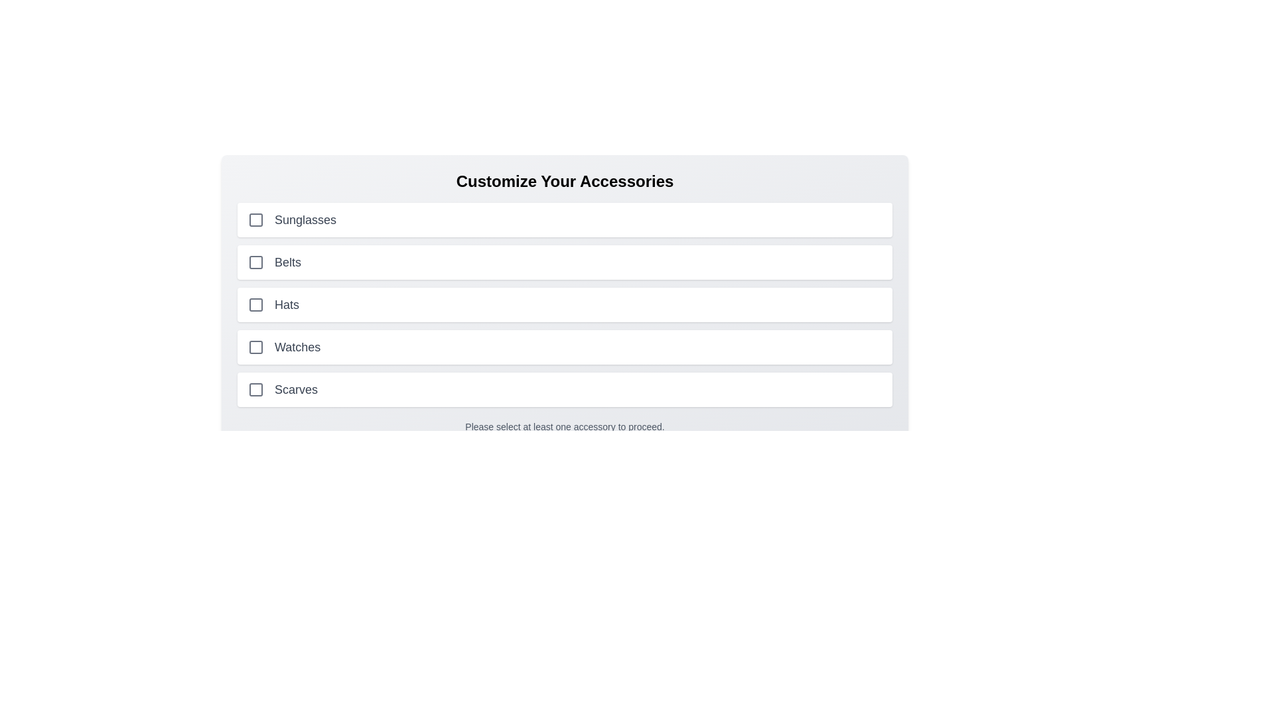  What do you see at coordinates (255, 388) in the screenshot?
I see `the checkbox with rounded corners located in the fifth row of options labeled 'Scarves'` at bounding box center [255, 388].